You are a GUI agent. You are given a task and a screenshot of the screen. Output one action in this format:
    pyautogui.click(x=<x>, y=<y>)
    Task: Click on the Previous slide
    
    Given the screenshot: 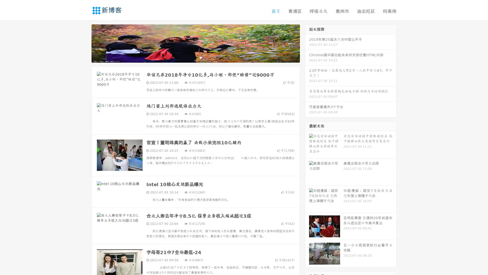 What is the action you would take?
    pyautogui.click(x=84, y=43)
    